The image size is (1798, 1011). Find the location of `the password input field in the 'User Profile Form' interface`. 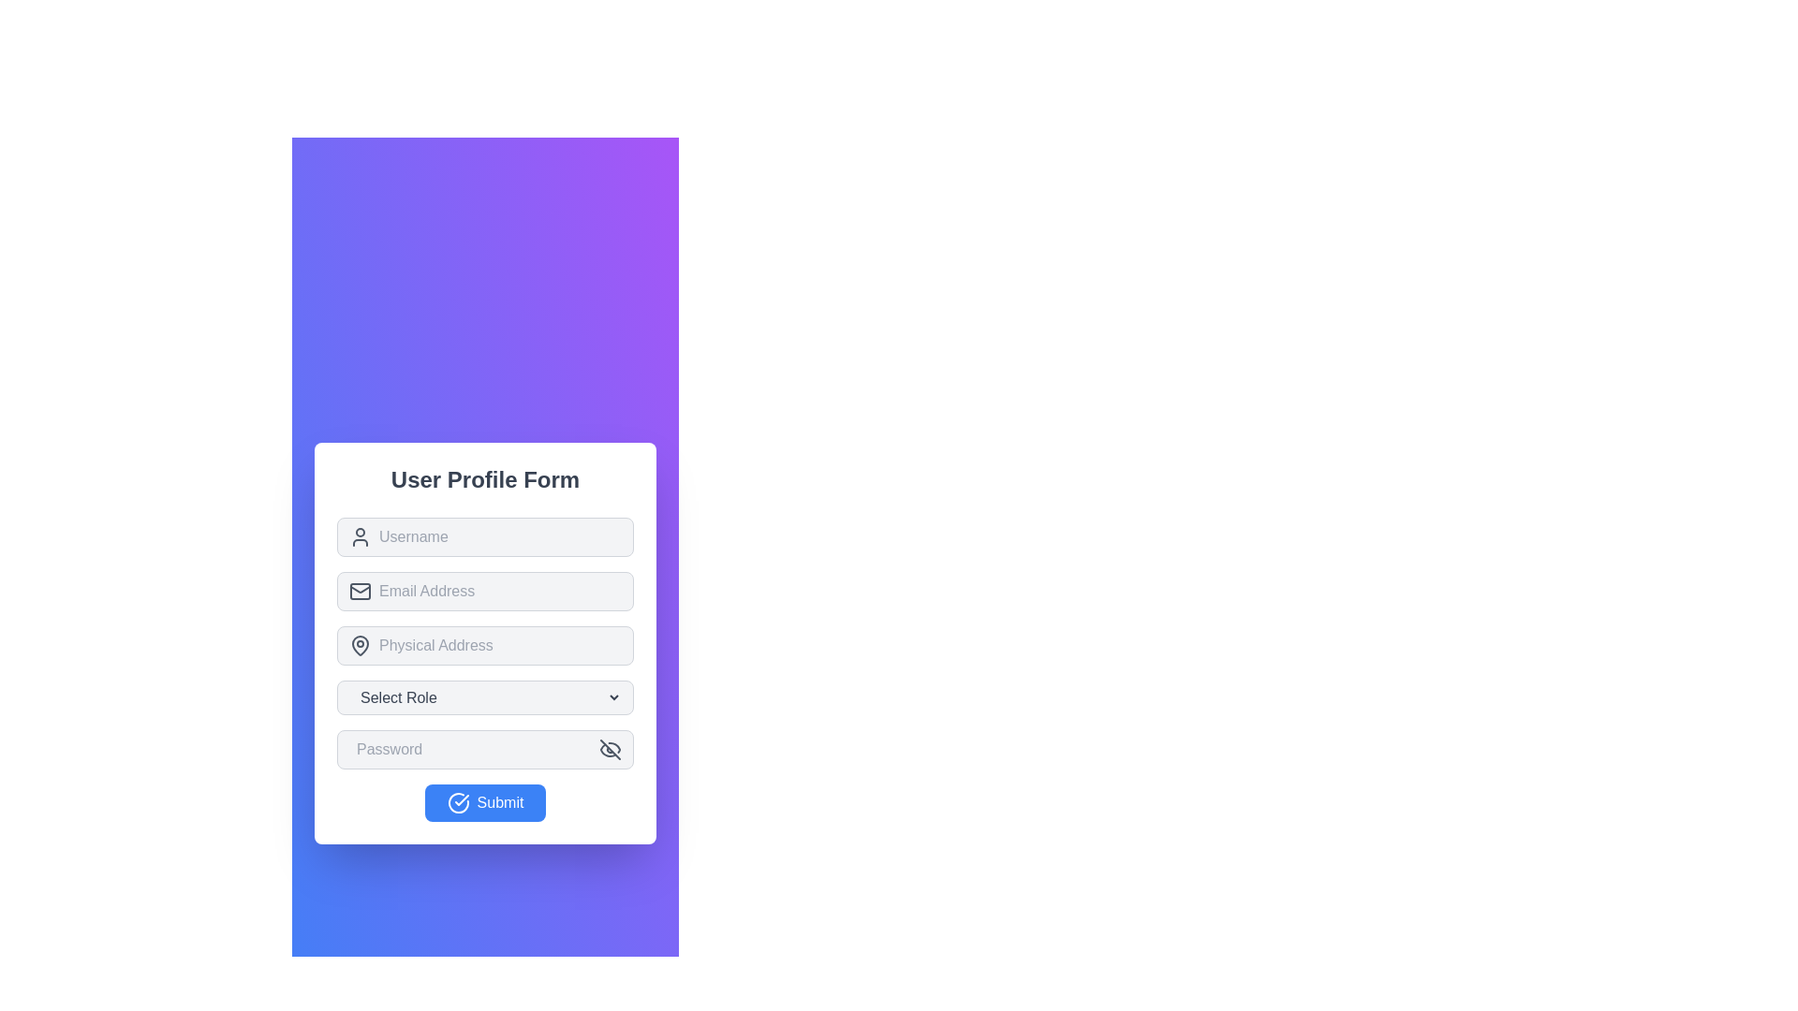

the password input field in the 'User Profile Form' interface is located at coordinates (474, 748).